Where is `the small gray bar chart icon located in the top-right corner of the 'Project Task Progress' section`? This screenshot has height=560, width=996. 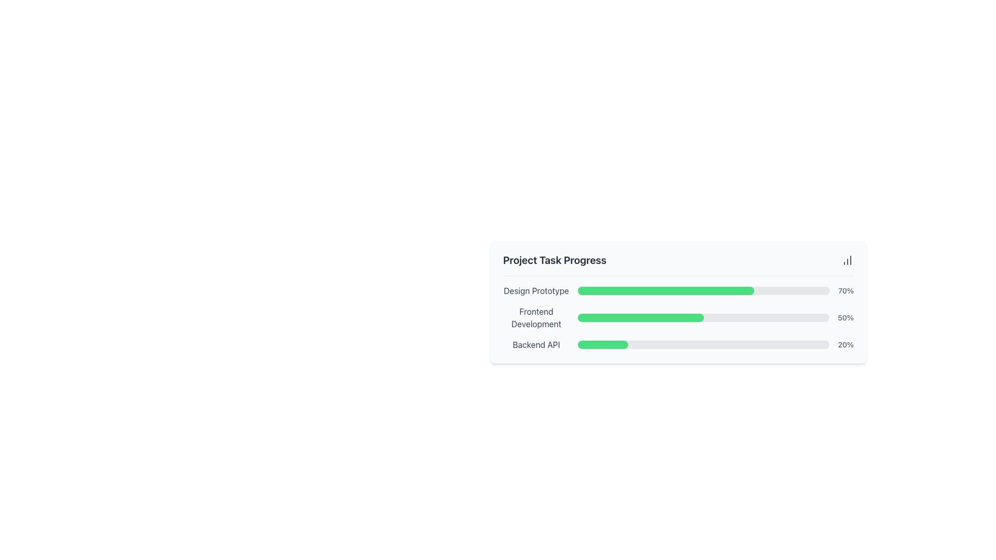
the small gray bar chart icon located in the top-right corner of the 'Project Task Progress' section is located at coordinates (847, 259).